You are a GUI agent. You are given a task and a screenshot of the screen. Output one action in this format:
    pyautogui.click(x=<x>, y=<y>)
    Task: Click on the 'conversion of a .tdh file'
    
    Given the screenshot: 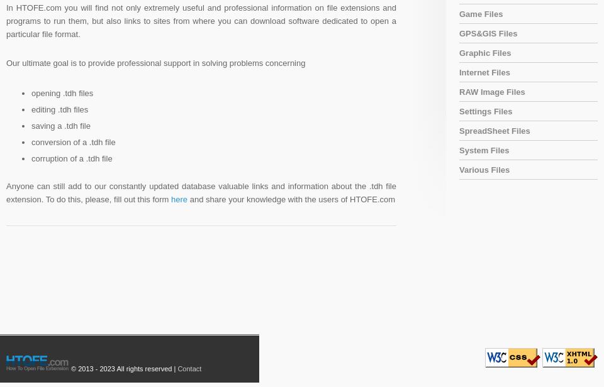 What is the action you would take?
    pyautogui.click(x=31, y=141)
    